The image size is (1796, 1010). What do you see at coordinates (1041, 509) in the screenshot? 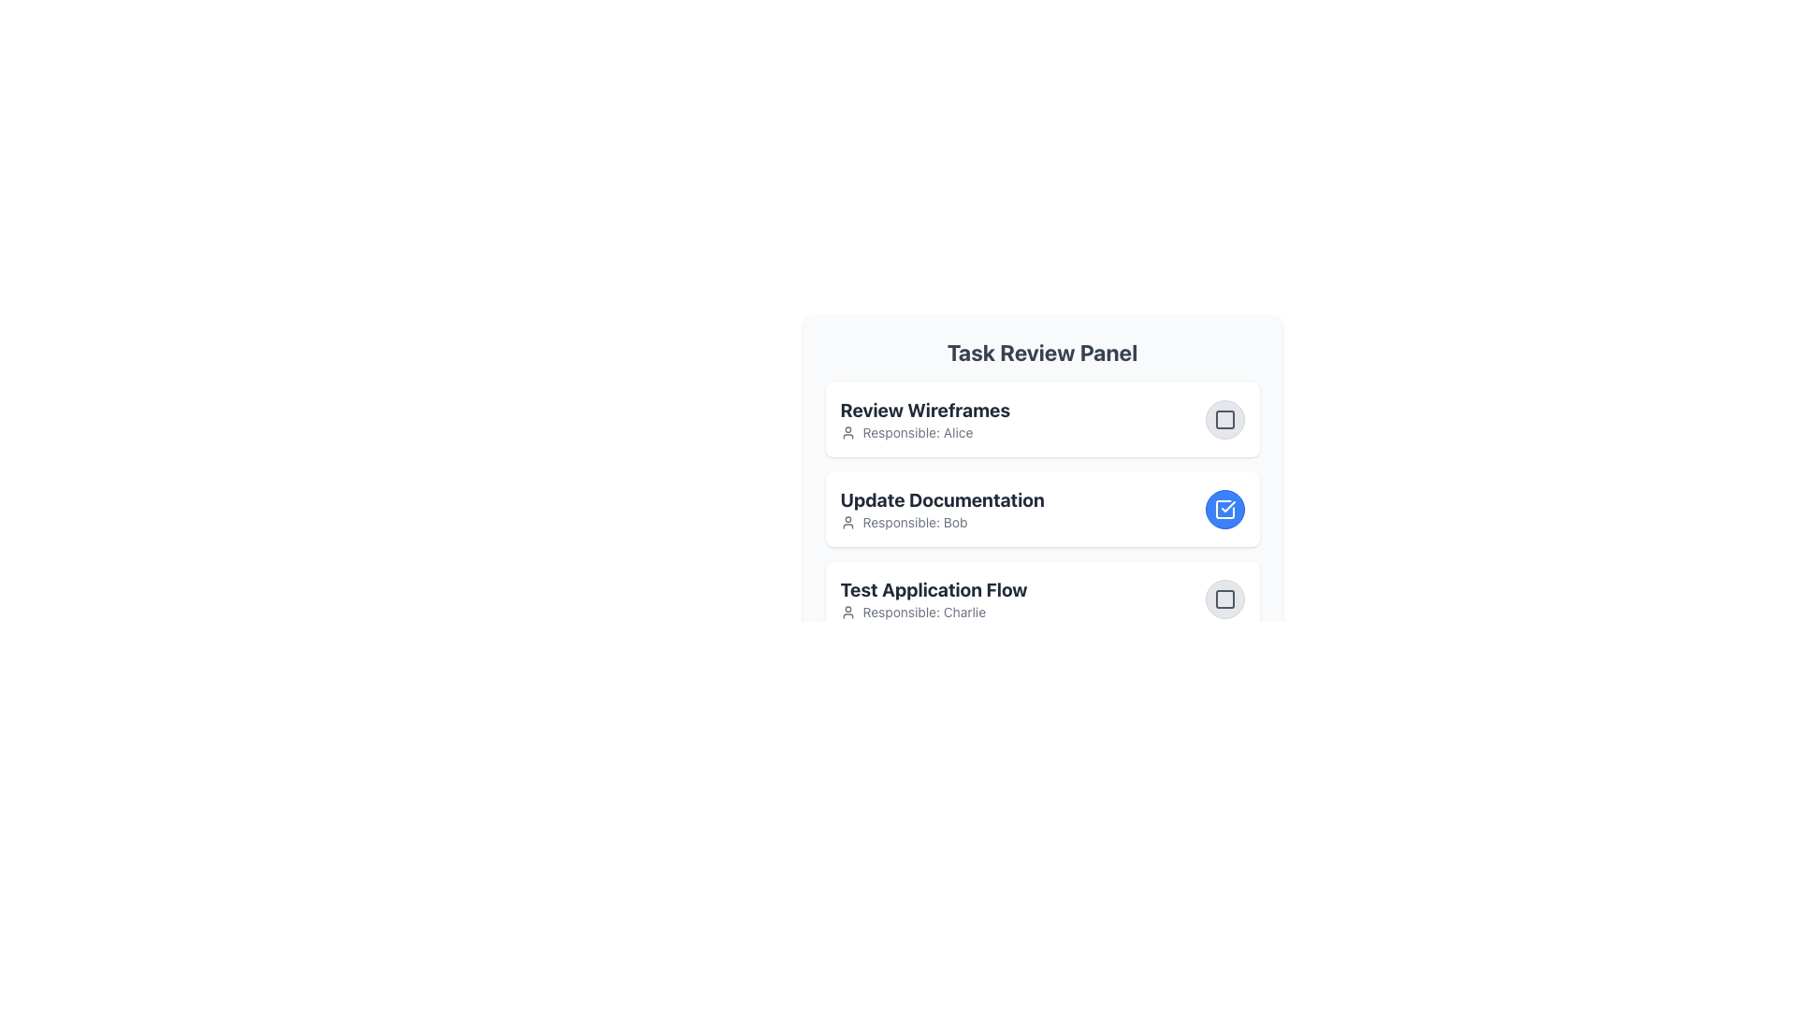
I see `the List item labeled 'Update Documentation', which includes the title in bold and the description 'Responsible: Bob' with a blue circular icon` at bounding box center [1041, 509].